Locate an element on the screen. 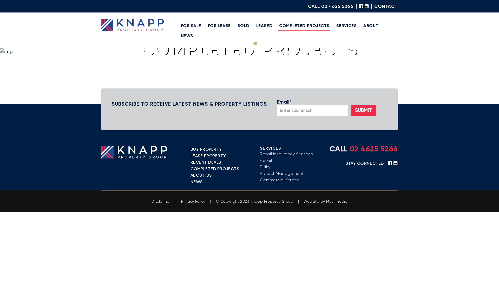 The height and width of the screenshot is (281, 499). 'Project Management' is located at coordinates (281, 173).